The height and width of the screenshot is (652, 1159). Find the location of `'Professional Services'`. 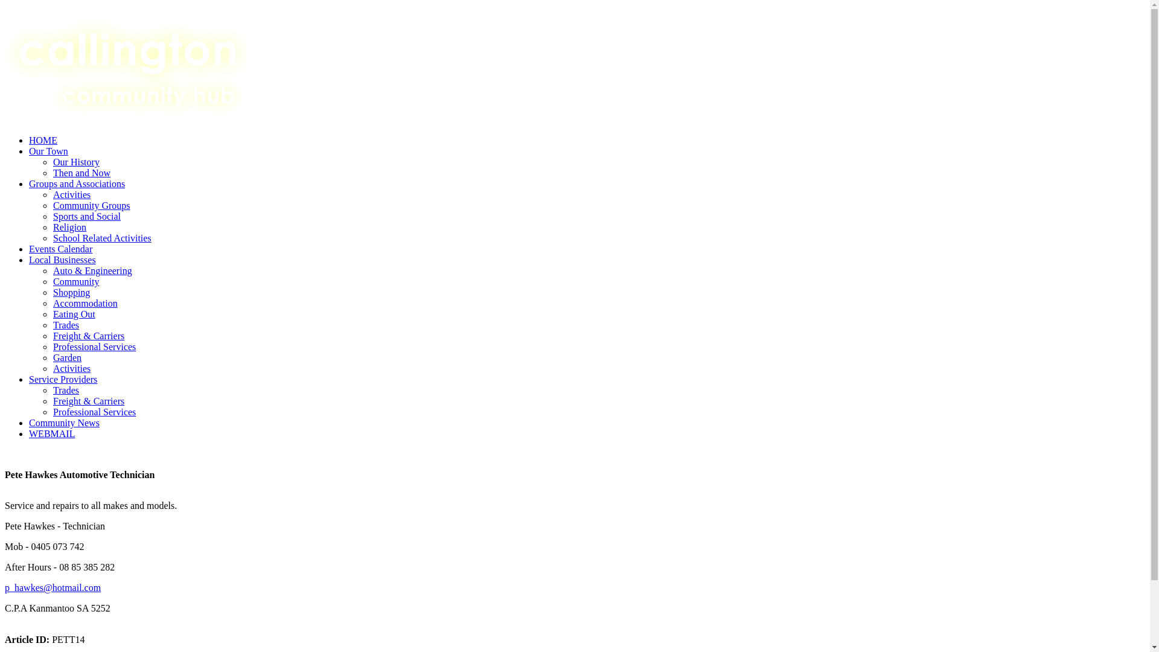

'Professional Services' is located at coordinates (94, 347).